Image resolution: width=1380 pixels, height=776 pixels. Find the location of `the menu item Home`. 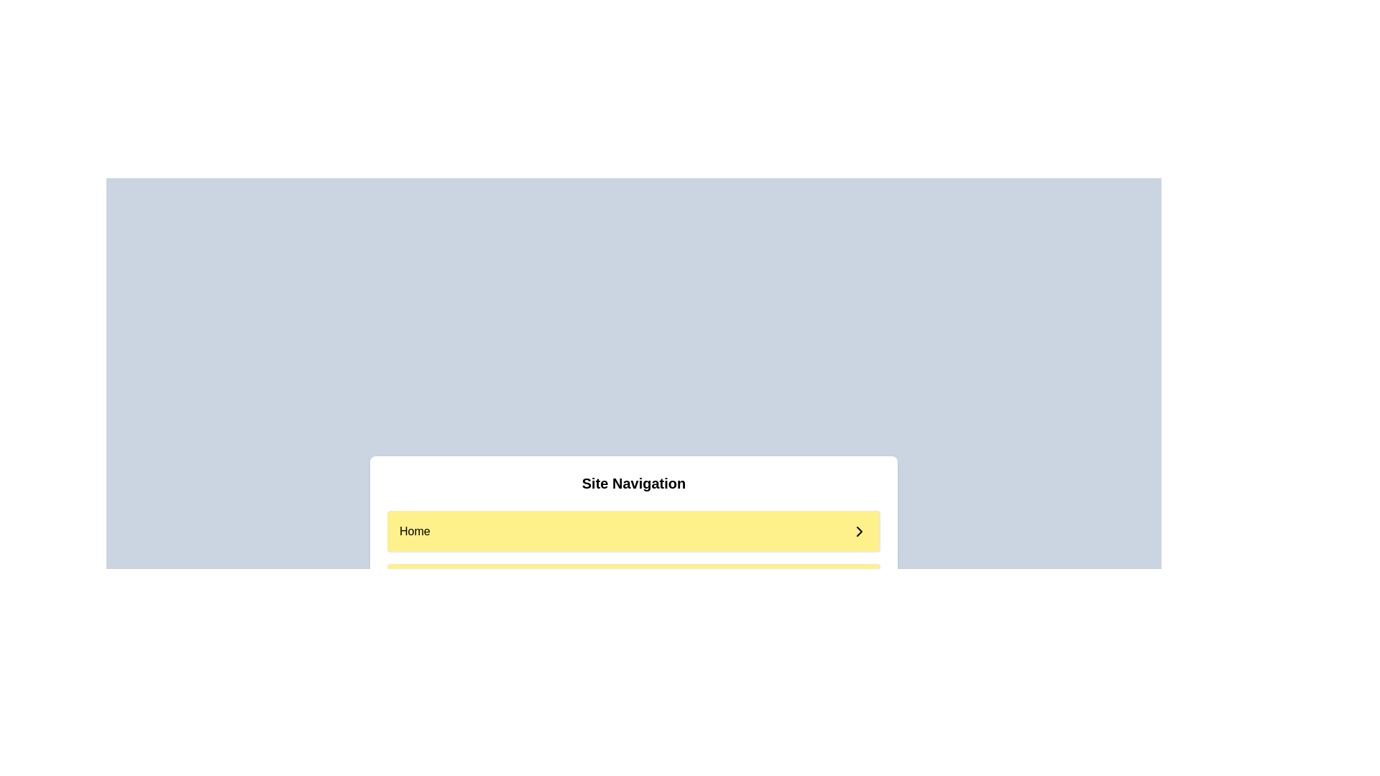

the menu item Home is located at coordinates (633, 532).